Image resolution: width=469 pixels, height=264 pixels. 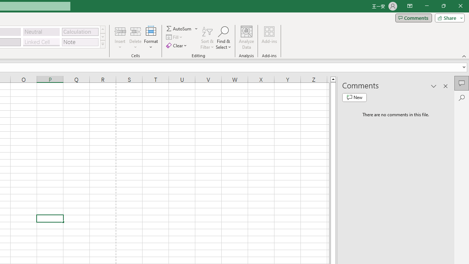 What do you see at coordinates (207, 38) in the screenshot?
I see `'Sort & Filter'` at bounding box center [207, 38].